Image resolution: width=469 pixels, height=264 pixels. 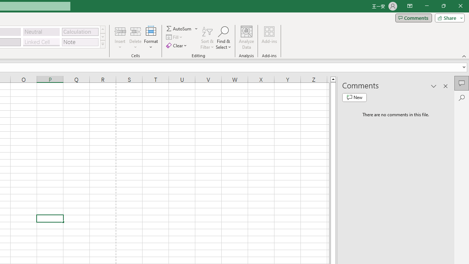 What do you see at coordinates (207, 38) in the screenshot?
I see `'Sort & Filter'` at bounding box center [207, 38].